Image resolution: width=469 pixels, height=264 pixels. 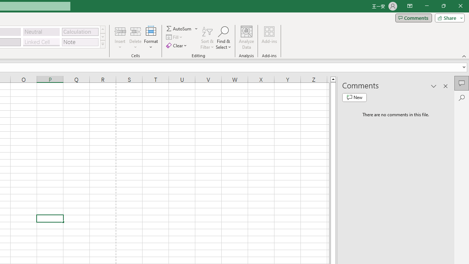 What do you see at coordinates (207, 38) in the screenshot?
I see `'Sort & Filter'` at bounding box center [207, 38].